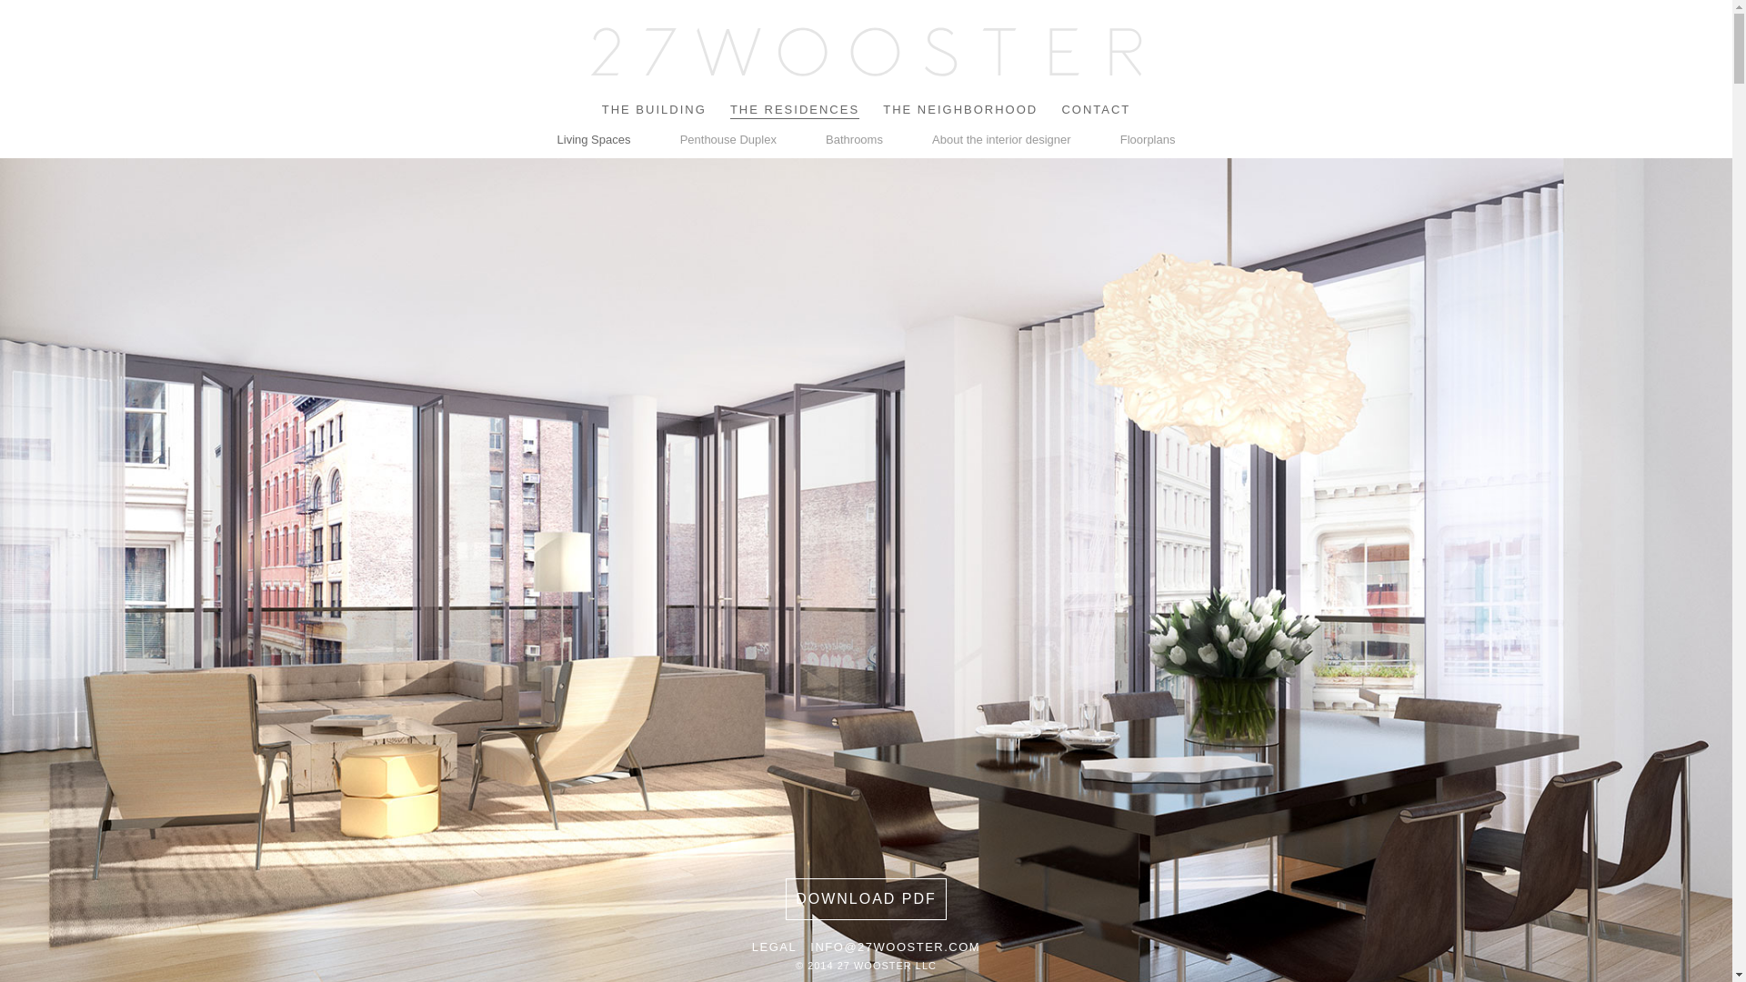  Describe the element at coordinates (774, 946) in the screenshot. I see `'LEGAL'` at that location.